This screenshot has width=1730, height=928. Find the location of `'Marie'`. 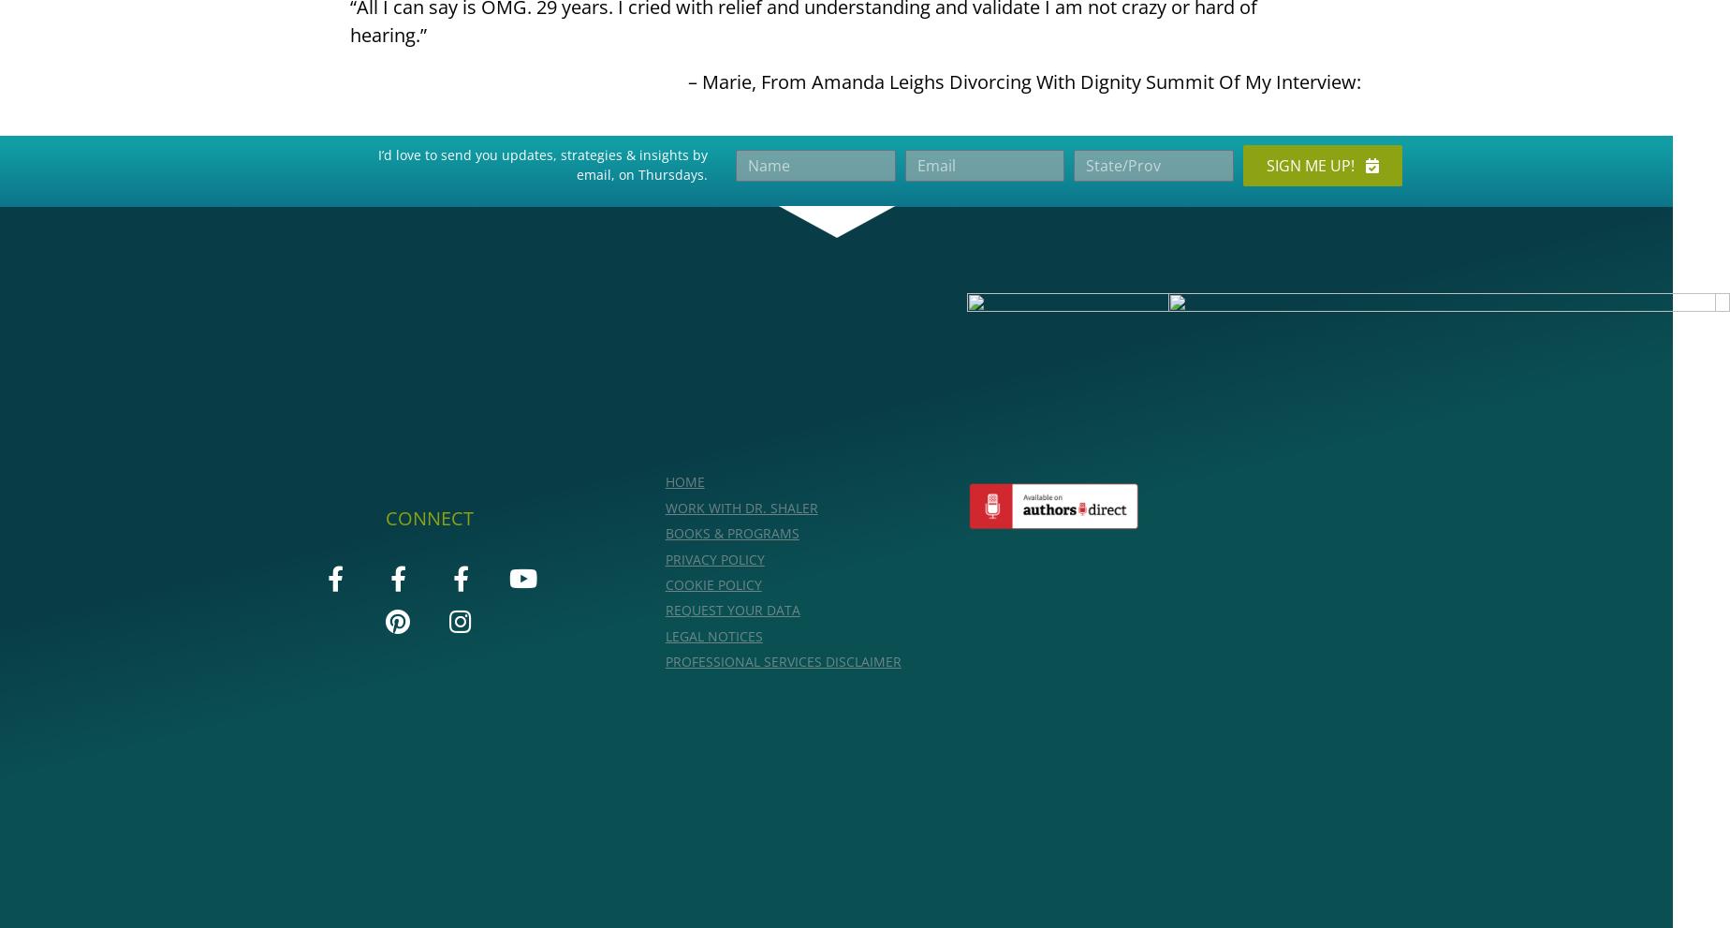

'Marie' is located at coordinates (726, 81).